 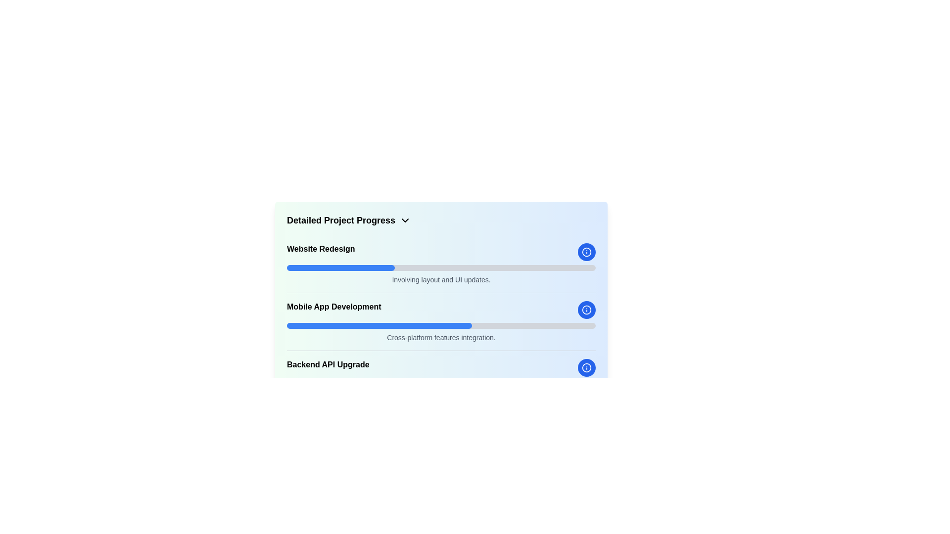 What do you see at coordinates (441, 322) in the screenshot?
I see `the 'Mobile App Development' project progress section` at bounding box center [441, 322].